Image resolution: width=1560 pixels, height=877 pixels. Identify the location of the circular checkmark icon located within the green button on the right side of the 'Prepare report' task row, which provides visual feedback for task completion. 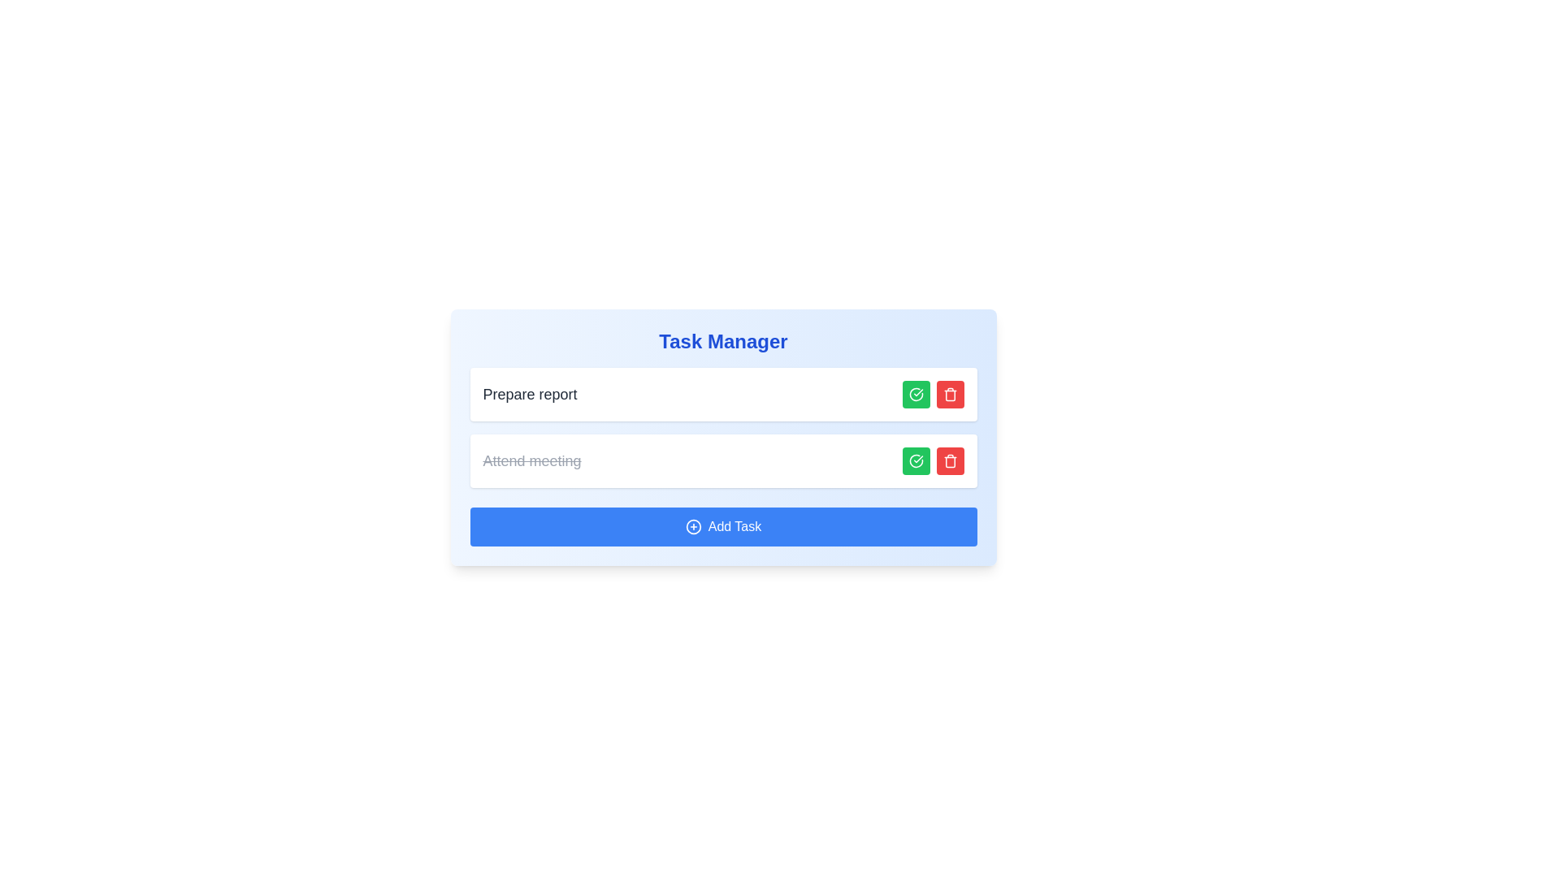
(916, 395).